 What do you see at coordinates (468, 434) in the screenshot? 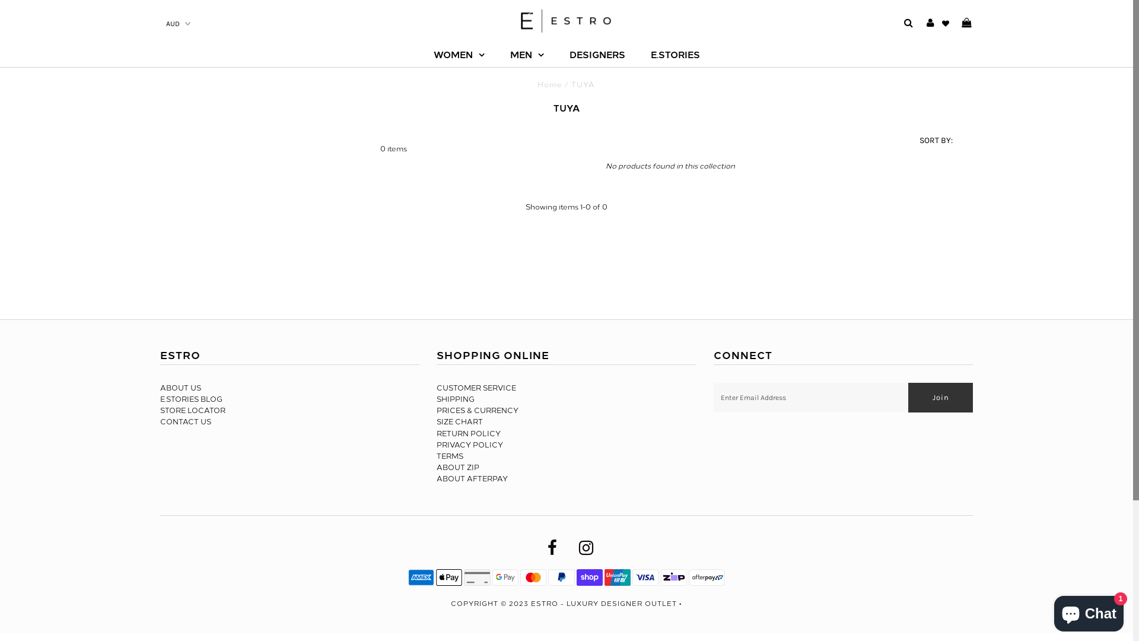
I see `'RETURN POLICY'` at bounding box center [468, 434].